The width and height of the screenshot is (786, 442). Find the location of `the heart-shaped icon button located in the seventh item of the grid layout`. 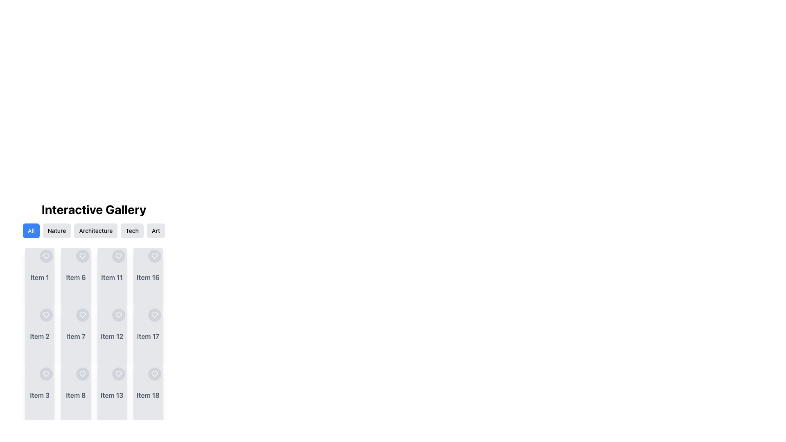

the heart-shaped icon button located in the seventh item of the grid layout is located at coordinates (82, 315).